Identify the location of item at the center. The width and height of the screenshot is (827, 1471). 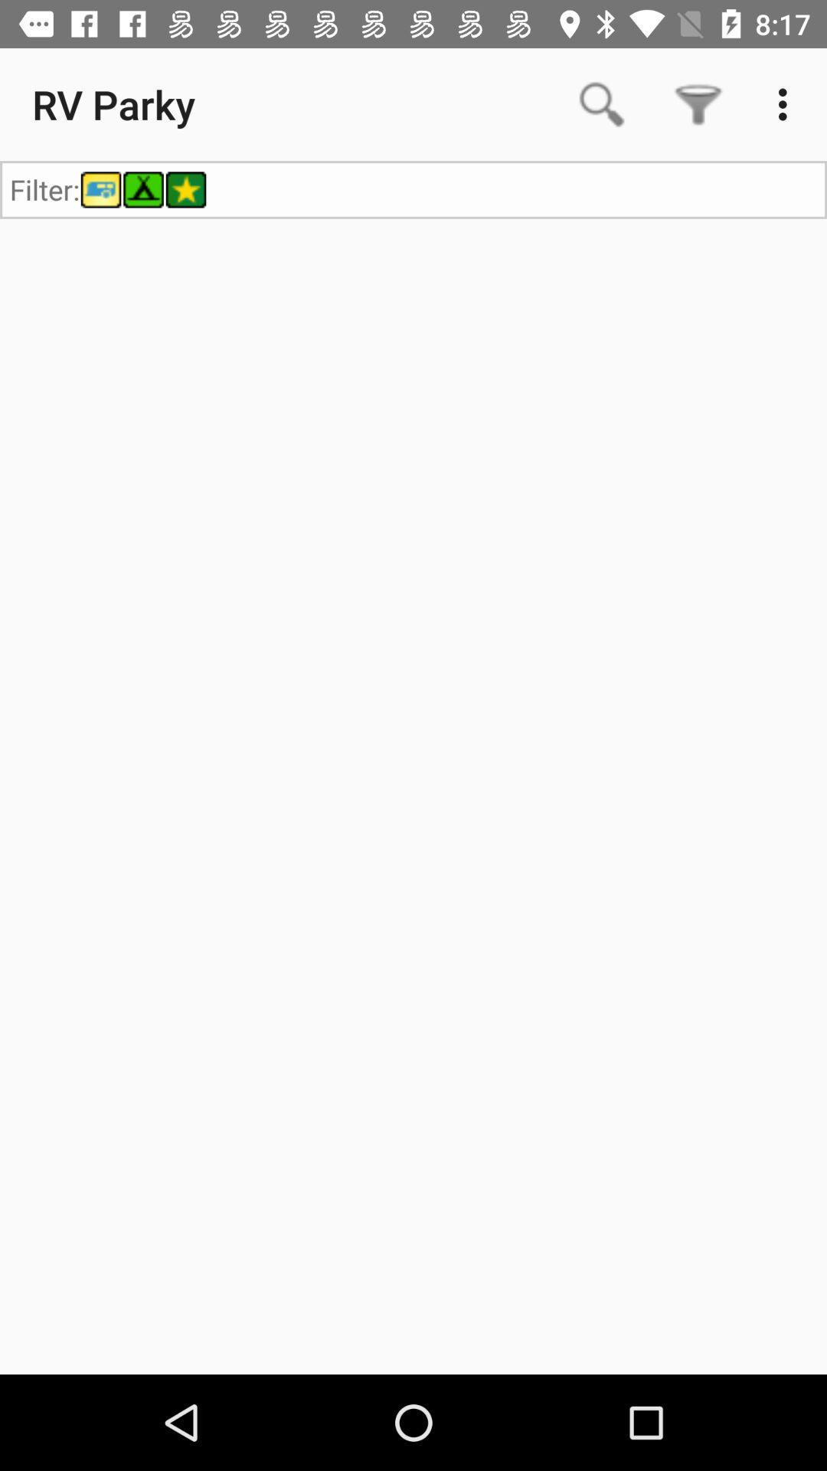
(413, 796).